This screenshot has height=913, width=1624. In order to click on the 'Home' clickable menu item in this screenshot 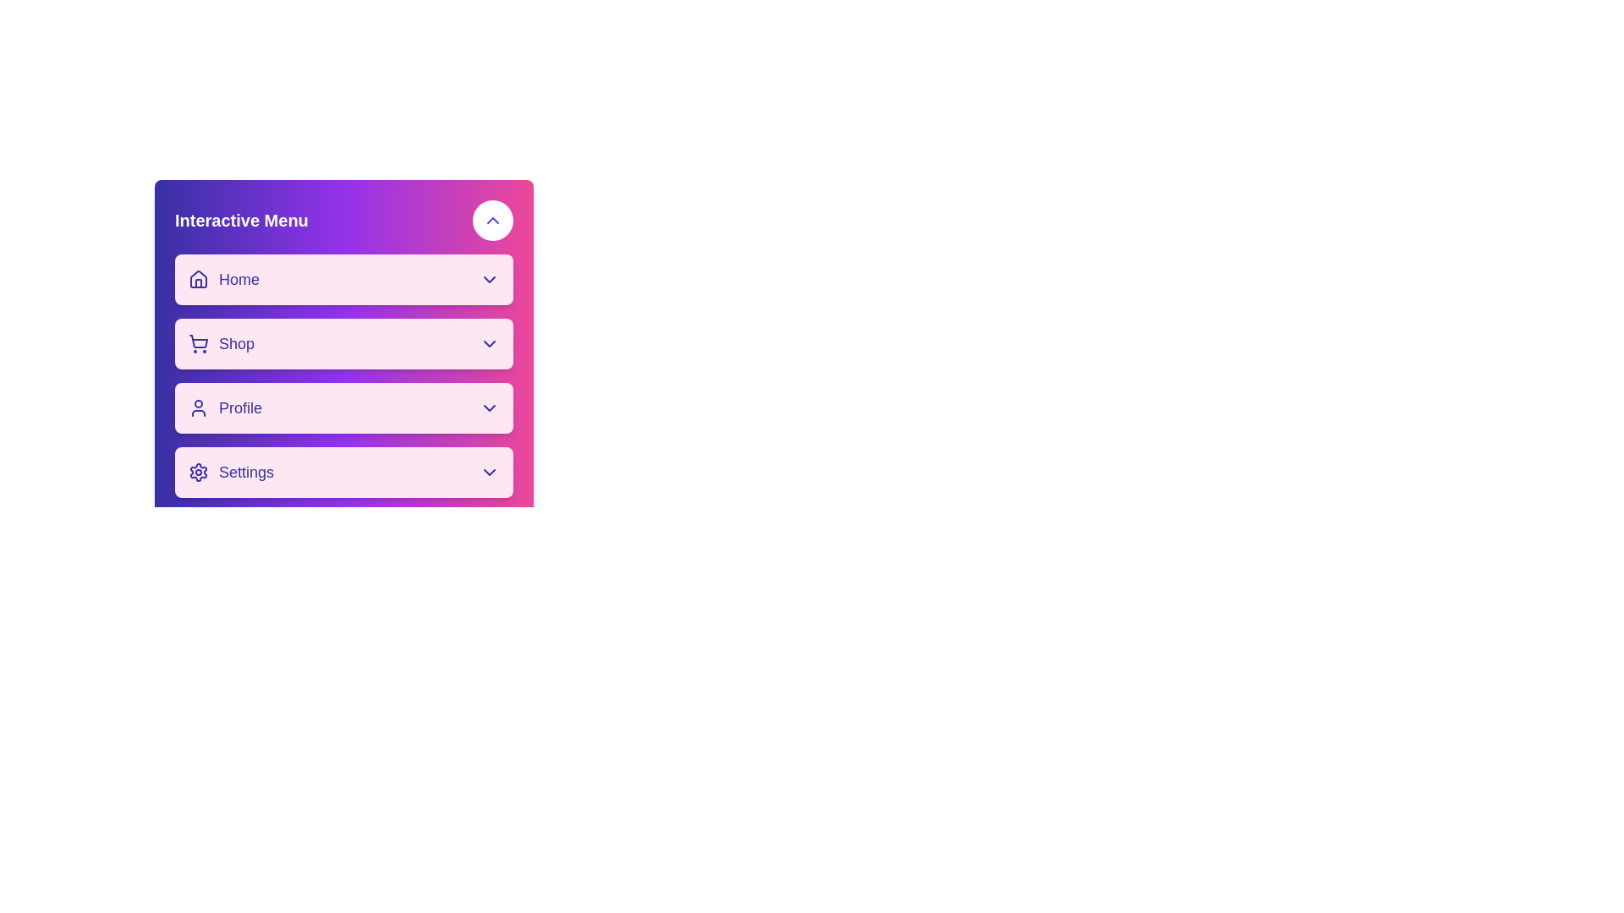, I will do `click(222, 279)`.